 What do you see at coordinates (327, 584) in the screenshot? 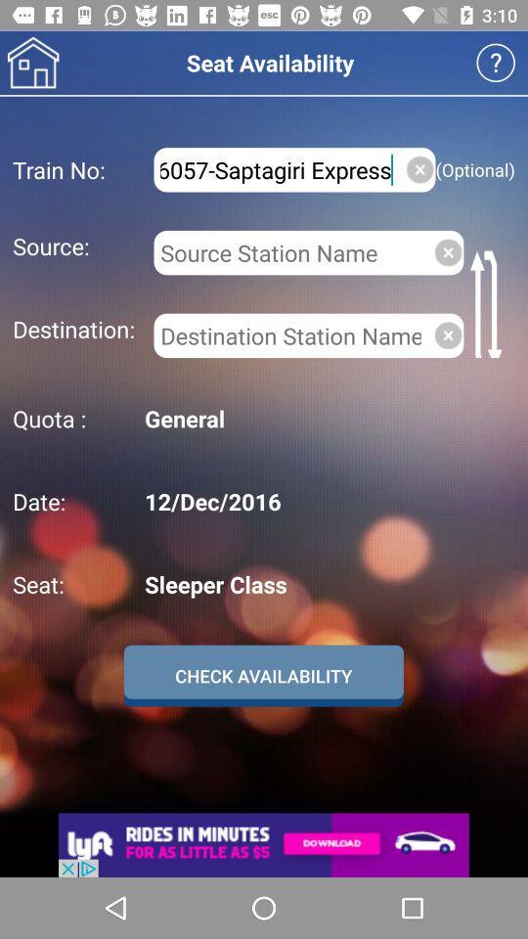
I see `icon below 12/dec/2016 icon` at bounding box center [327, 584].